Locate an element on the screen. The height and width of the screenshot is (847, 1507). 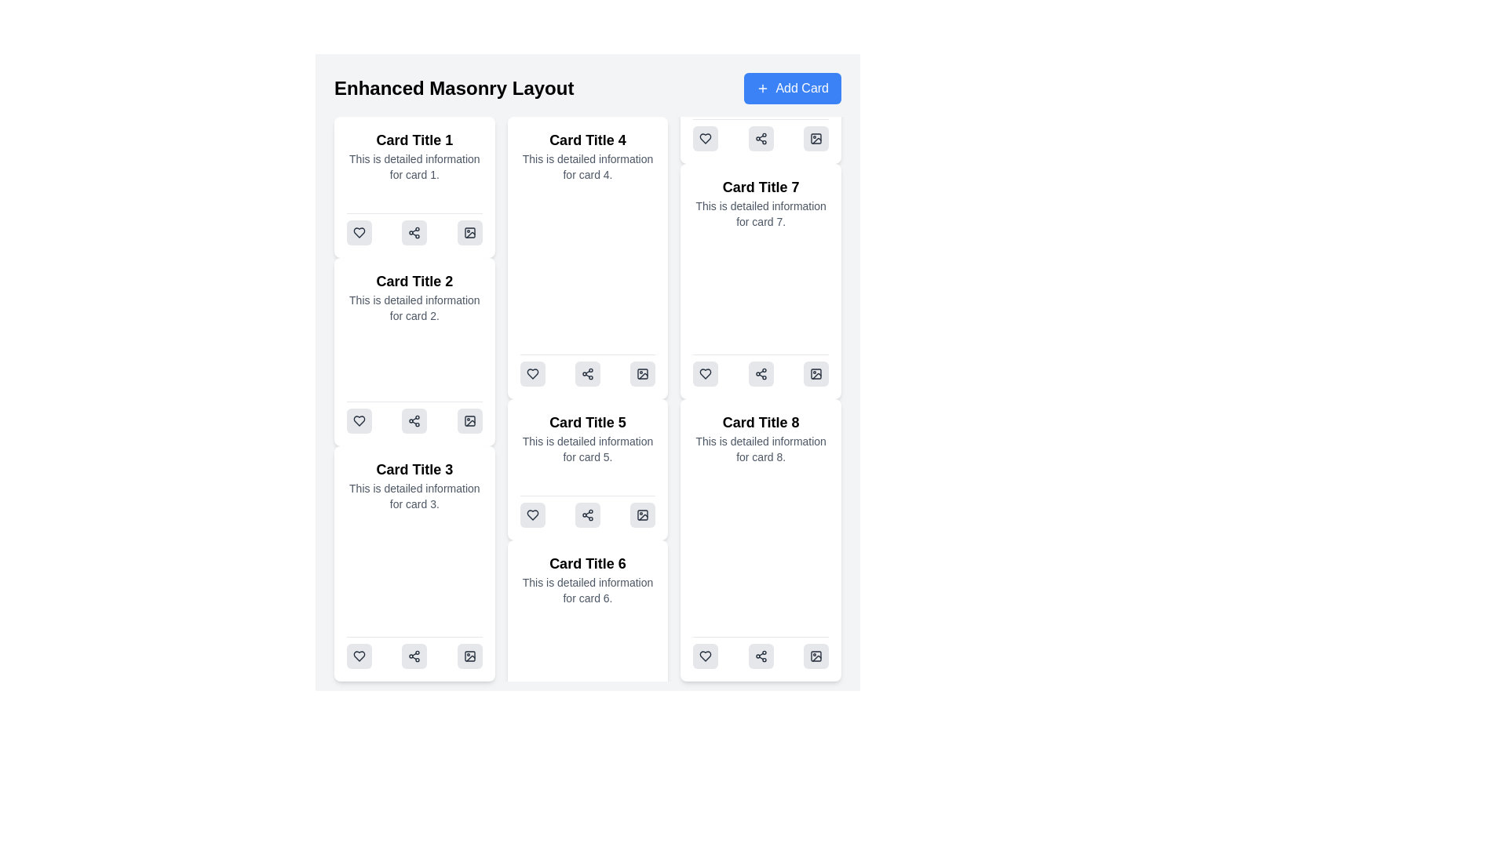
the heart-shaped icon with a hollow outline located within 'Card Title 5' to like or favorite the card is located at coordinates (705, 374).